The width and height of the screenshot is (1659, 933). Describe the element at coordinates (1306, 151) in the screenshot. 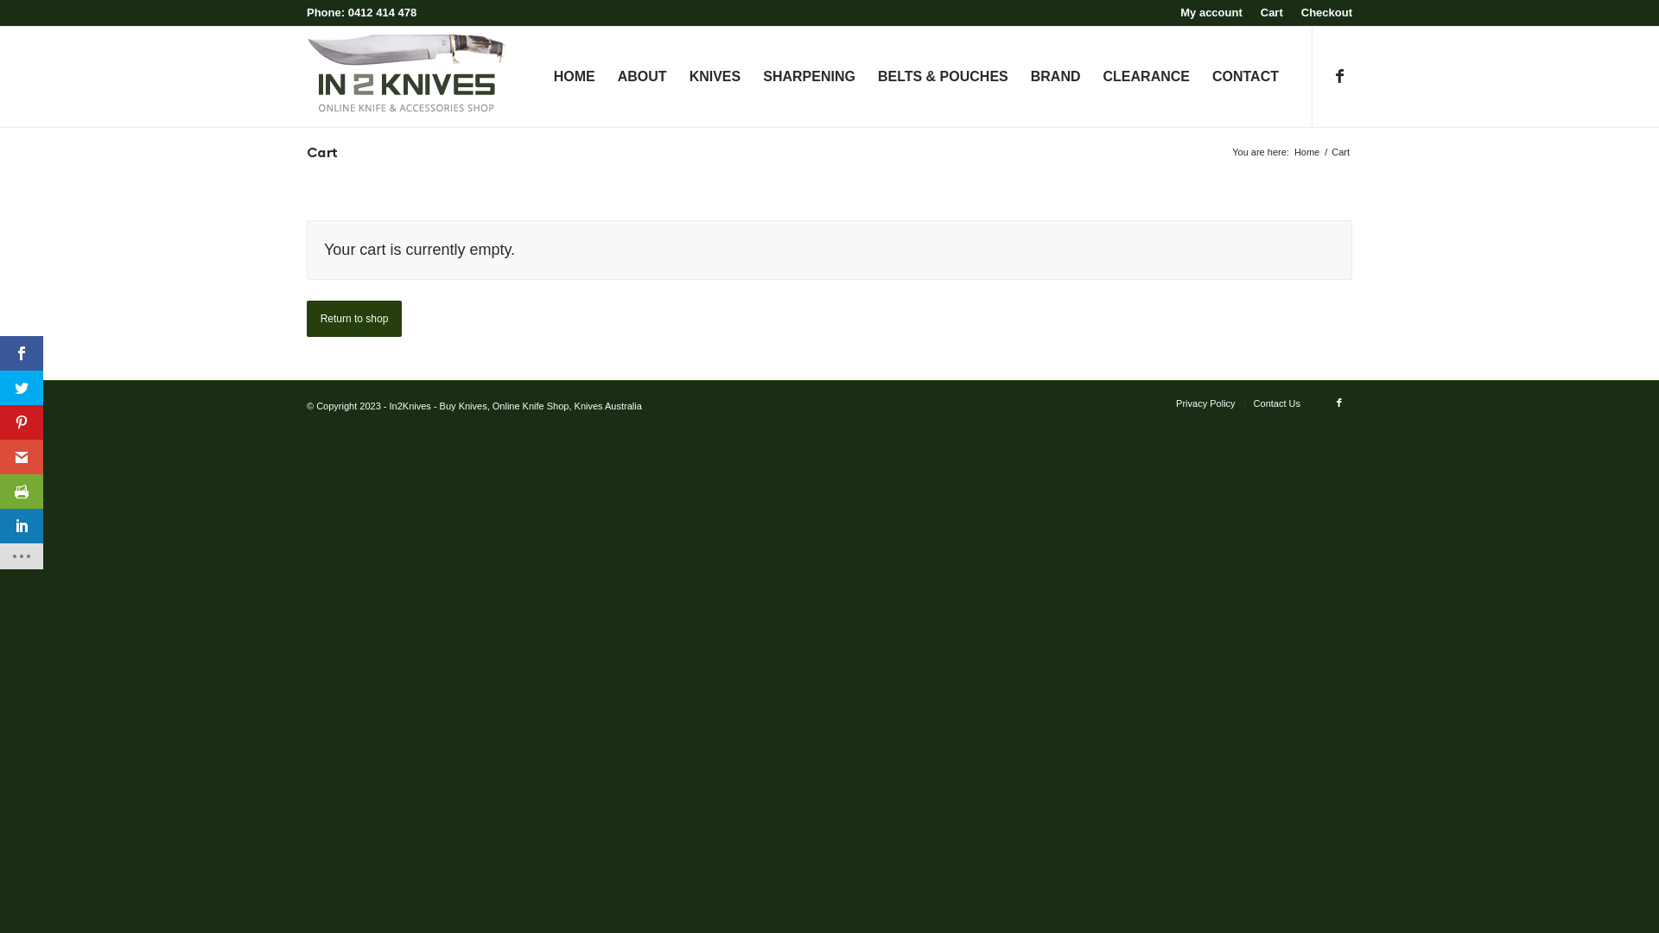

I see `'Home'` at that location.